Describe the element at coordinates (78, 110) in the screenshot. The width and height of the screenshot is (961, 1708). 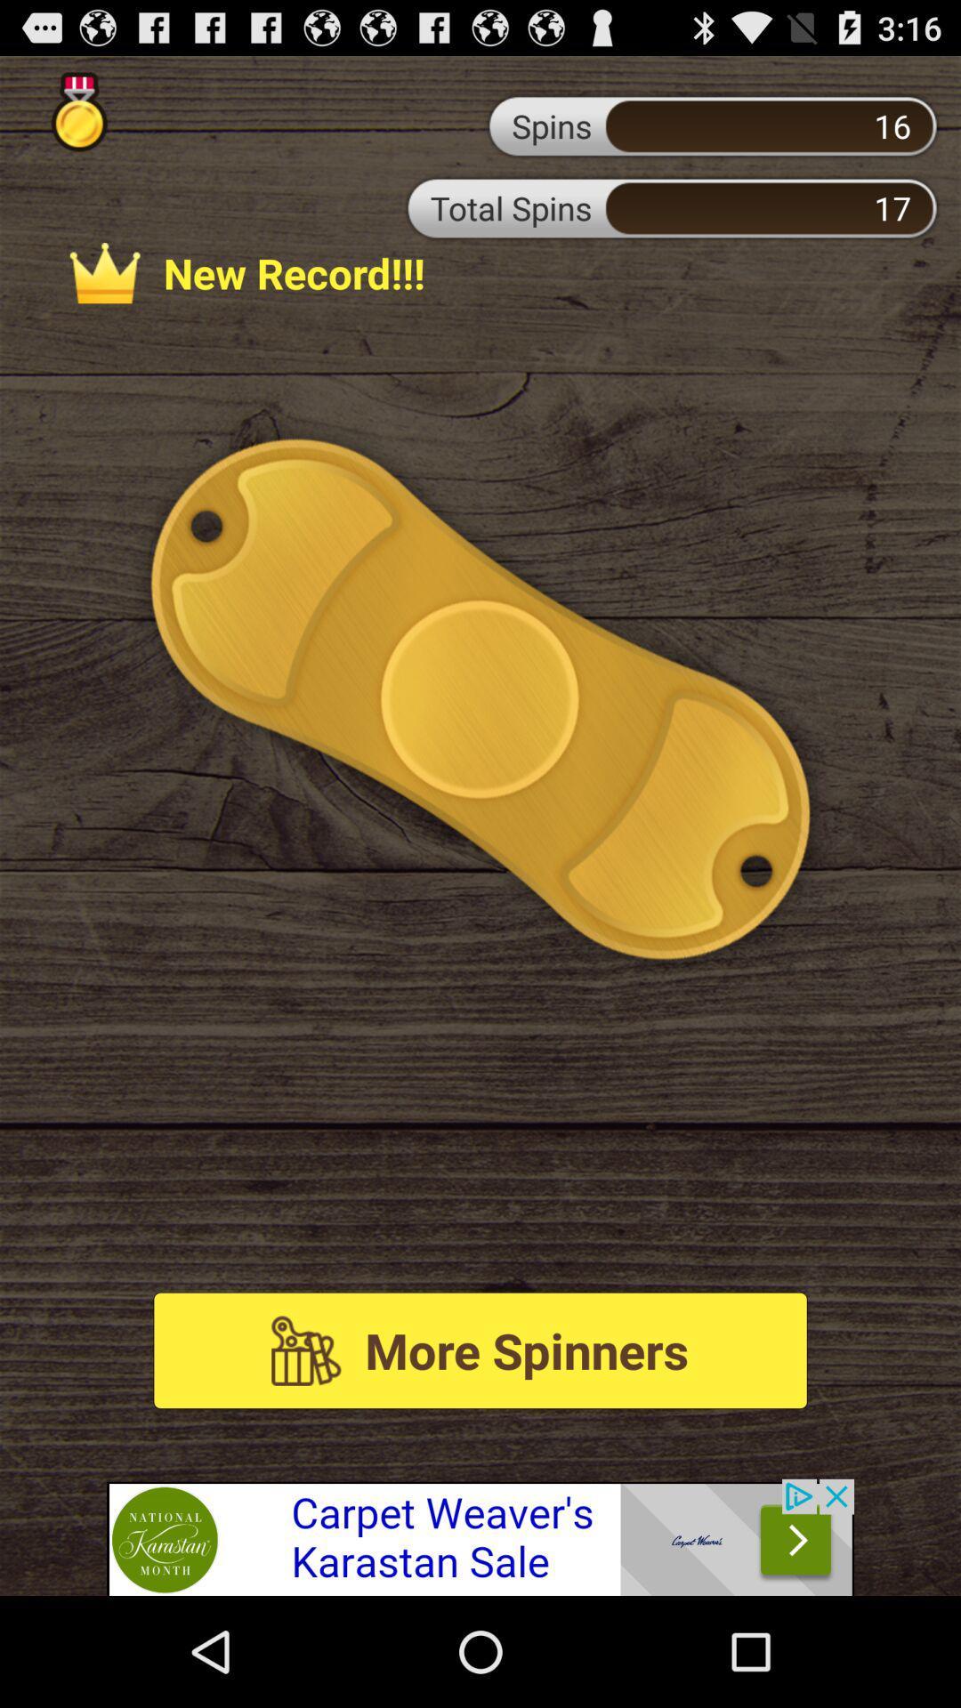
I see `achievements` at that location.